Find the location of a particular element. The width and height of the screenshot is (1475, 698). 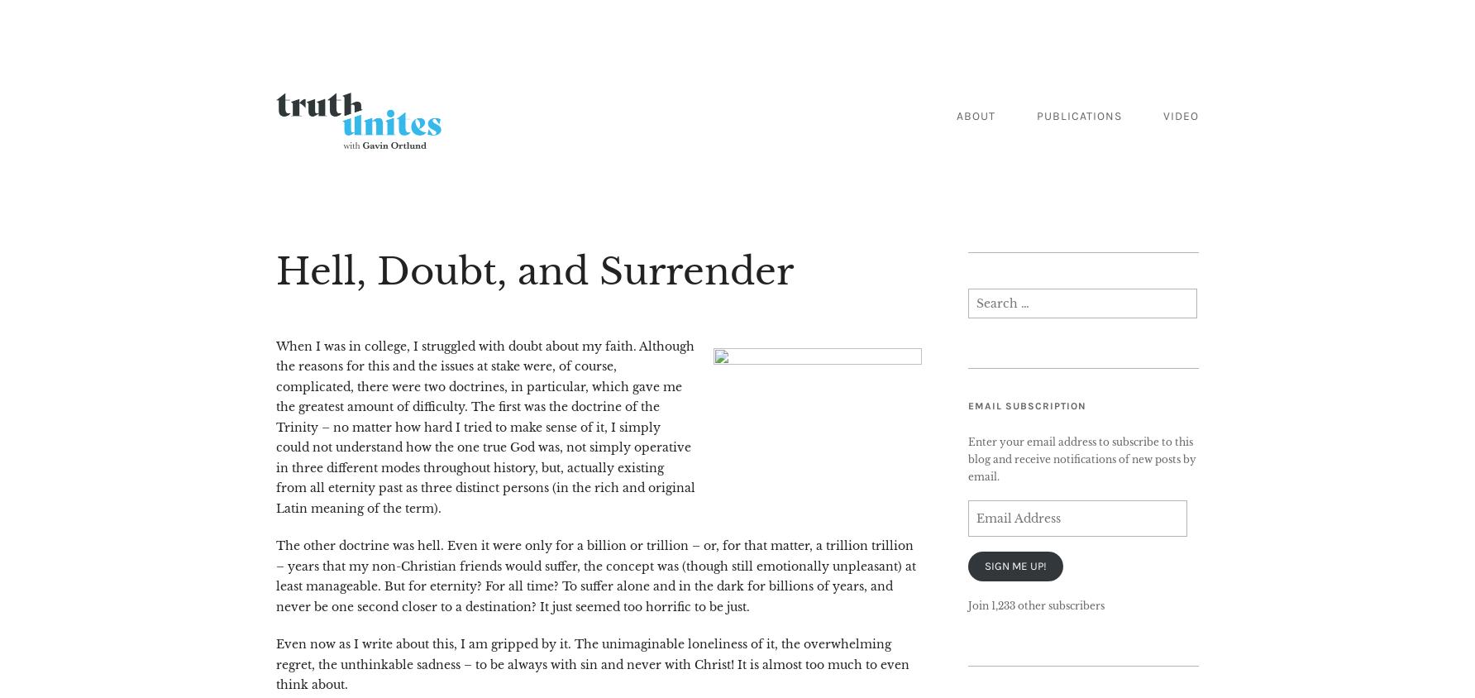

'Enter your email address to subscribe to this blog and receive notifications of new posts by email.' is located at coordinates (1081, 458).